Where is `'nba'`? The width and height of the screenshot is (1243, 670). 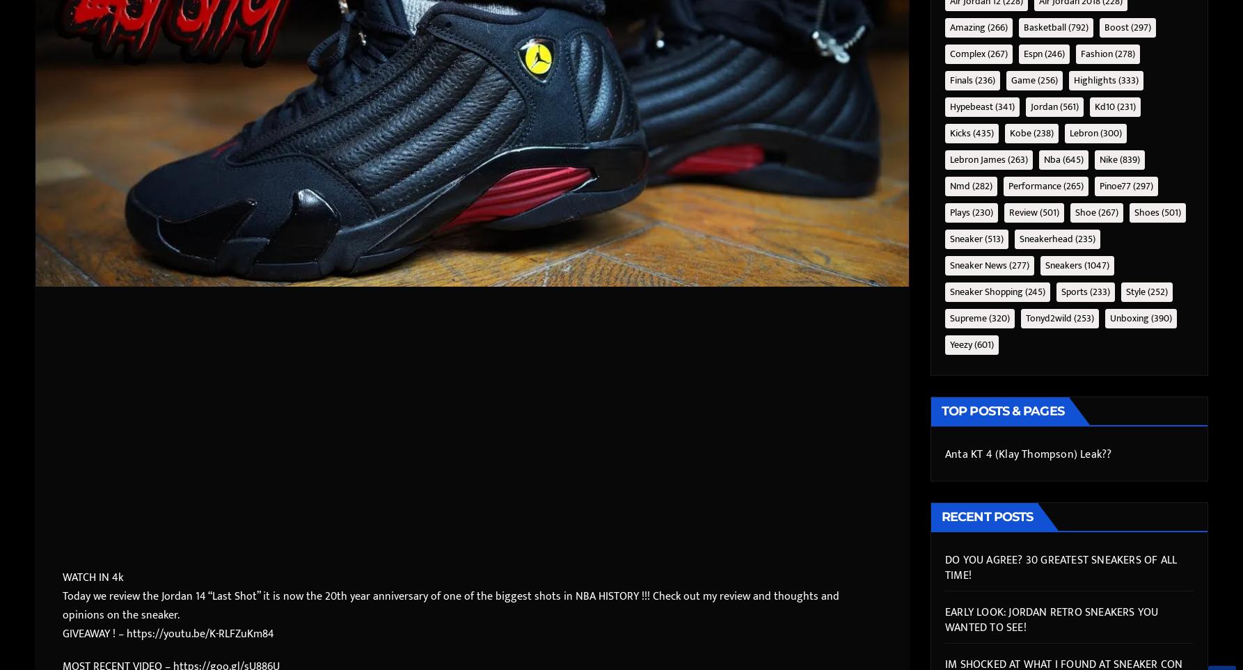
'nba' is located at coordinates (1044, 159).